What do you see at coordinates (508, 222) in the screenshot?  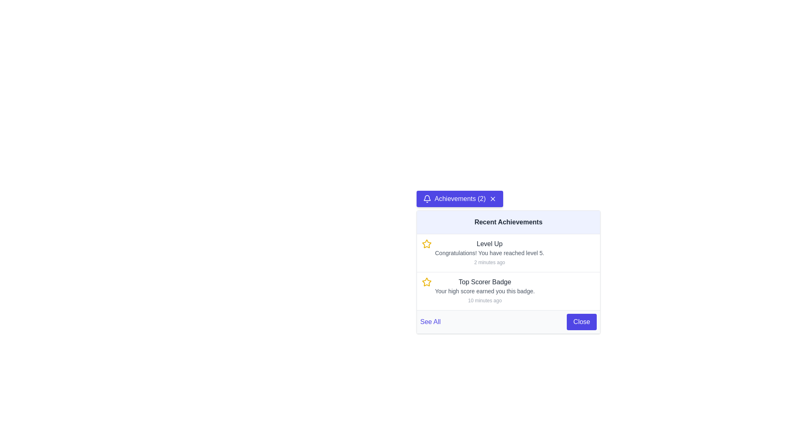 I see `the 'Recent Achievements' header text, which is styled in bold dark gray on a light indigo background, located at the top of the modal beneath the title bar 'Achievements (2)'` at bounding box center [508, 222].